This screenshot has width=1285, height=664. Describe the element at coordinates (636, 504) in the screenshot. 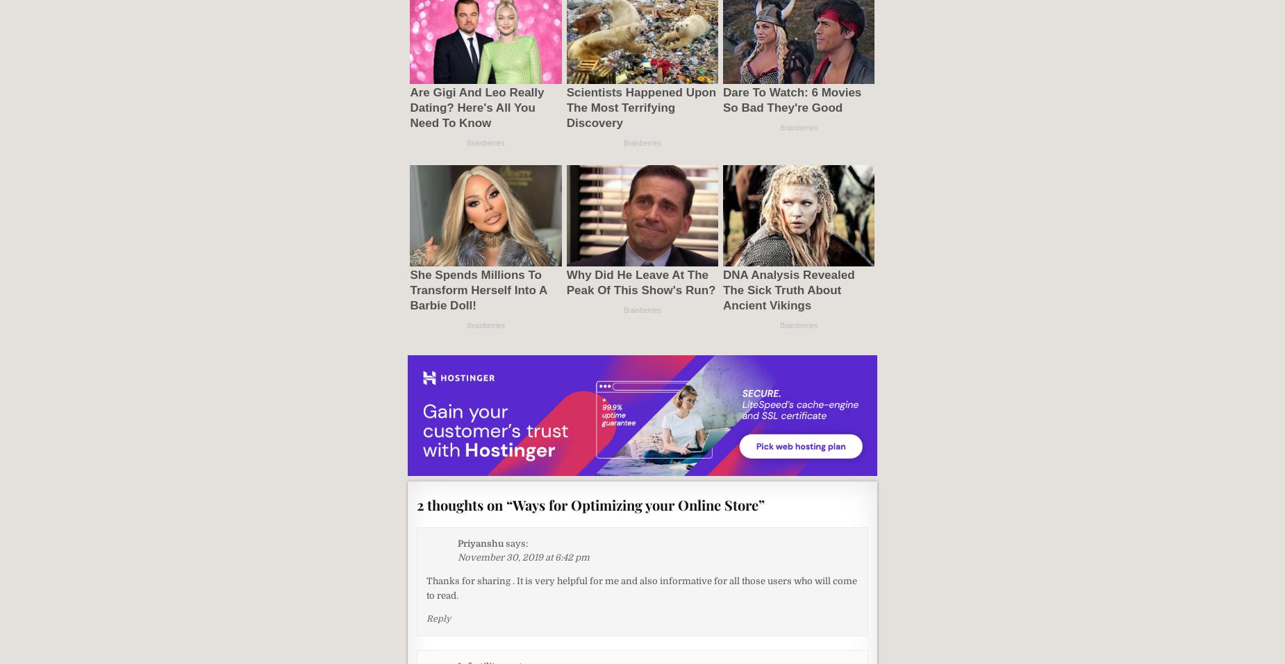

I see `'Ways for Optimizing your Online Store'` at that location.